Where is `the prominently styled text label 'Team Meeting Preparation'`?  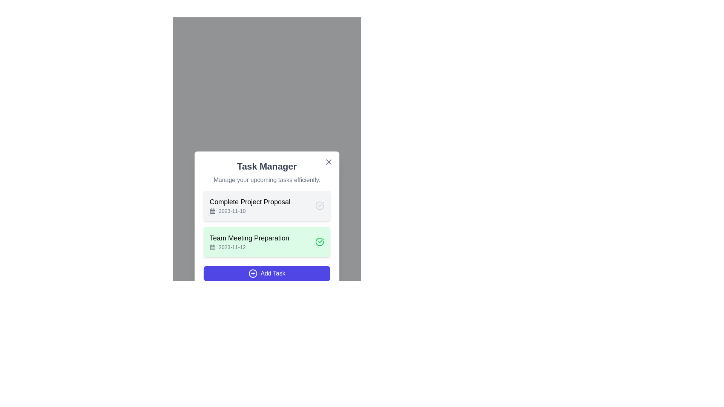 the prominently styled text label 'Team Meeting Preparation' is located at coordinates (249, 238).